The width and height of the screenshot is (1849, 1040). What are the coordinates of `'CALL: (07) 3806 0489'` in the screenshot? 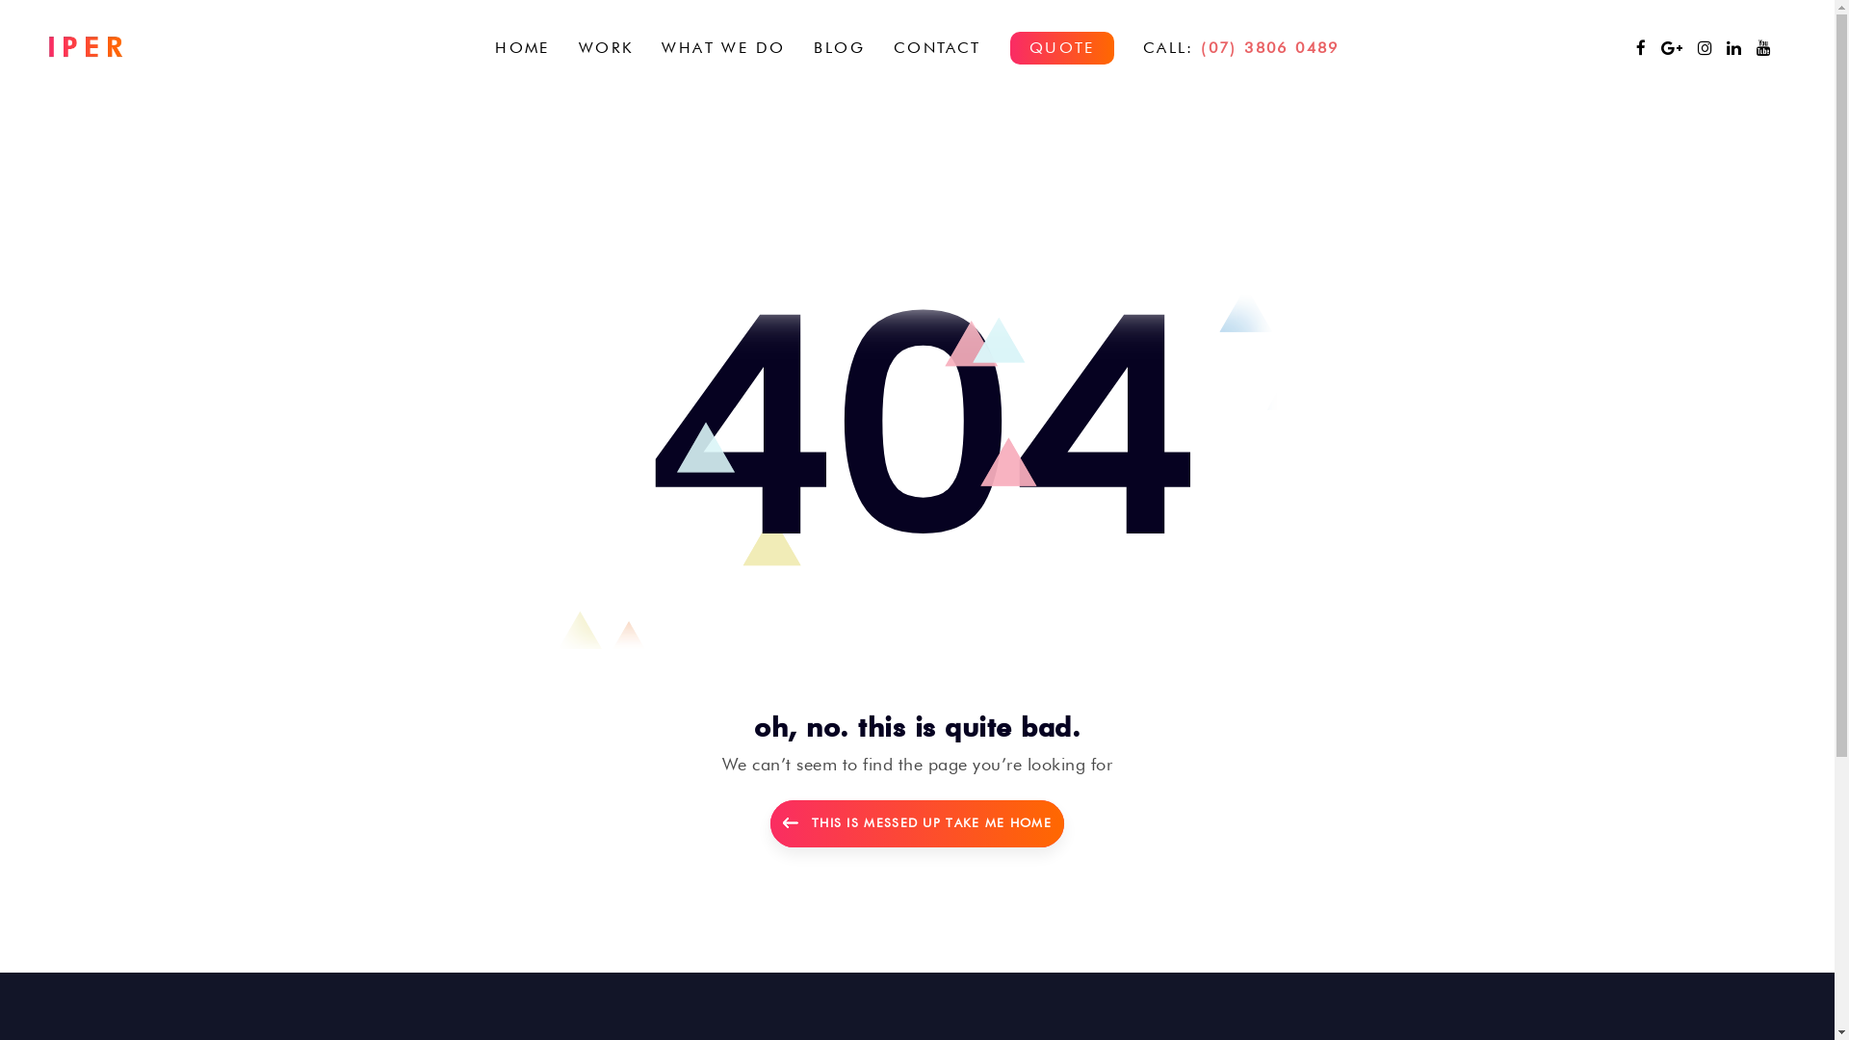 It's located at (1241, 46).